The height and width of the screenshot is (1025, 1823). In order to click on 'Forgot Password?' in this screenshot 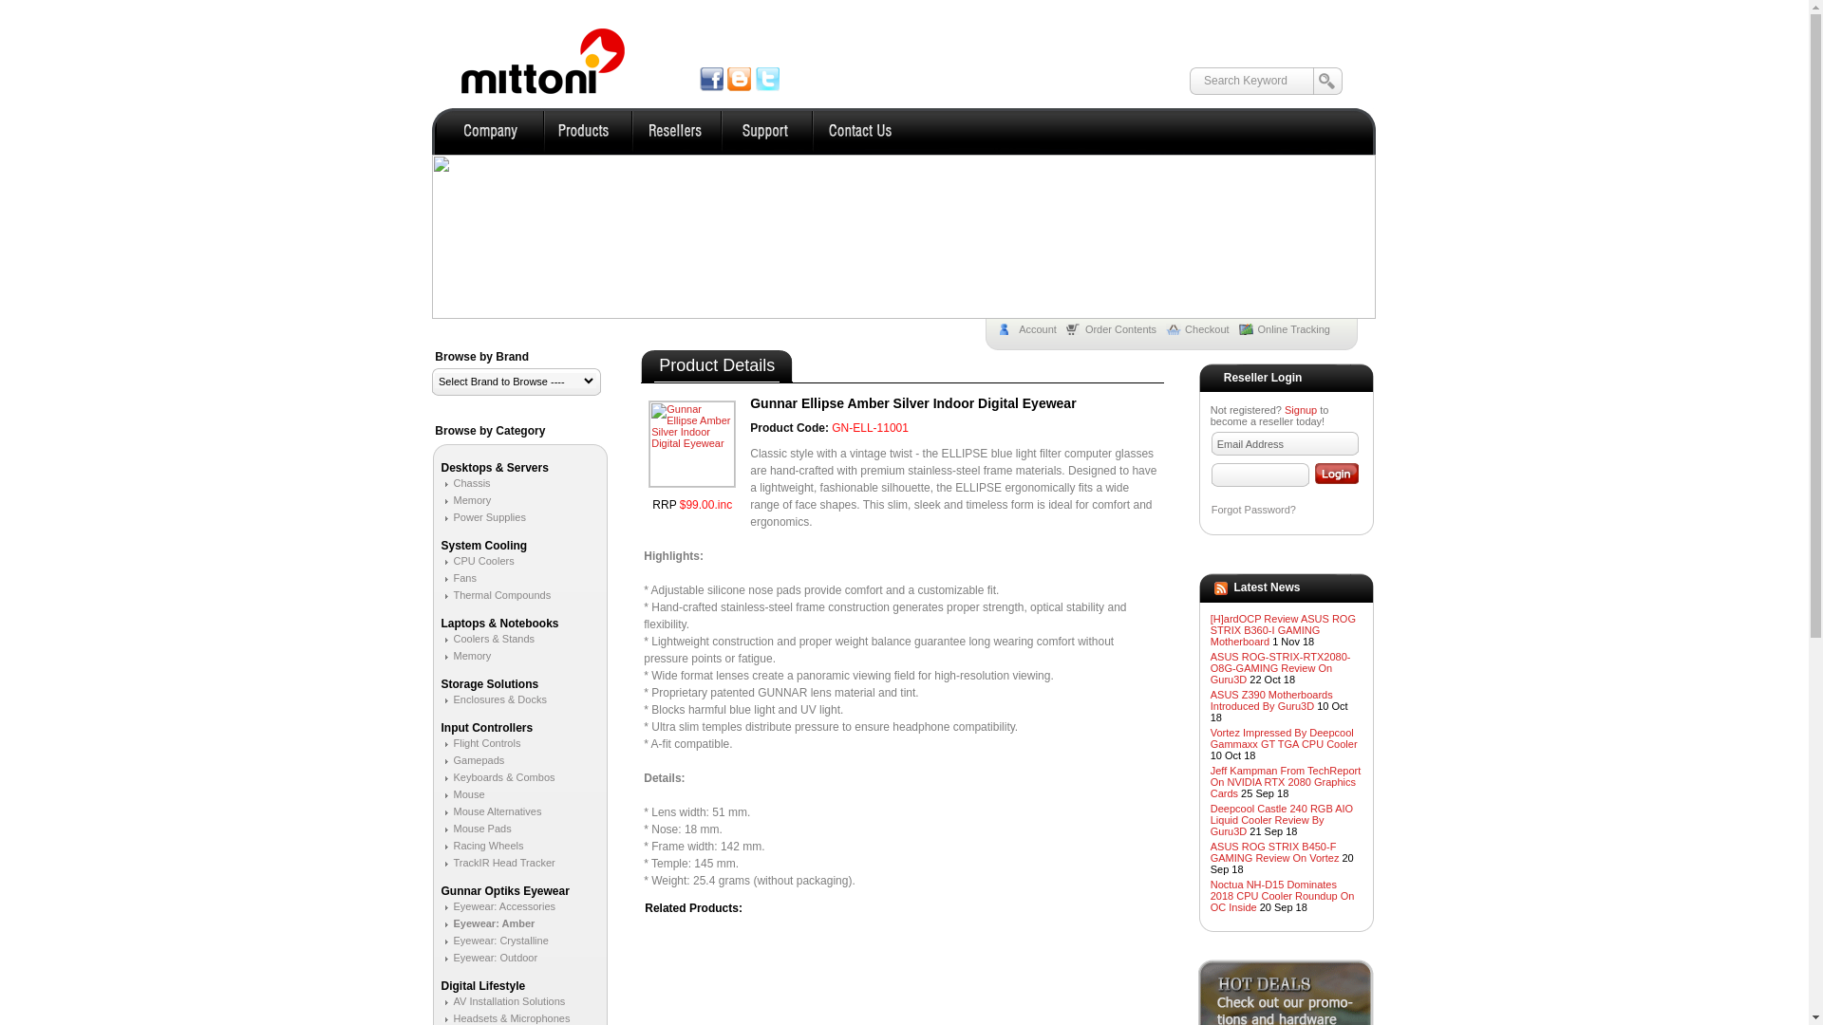, I will do `click(1211, 508)`.